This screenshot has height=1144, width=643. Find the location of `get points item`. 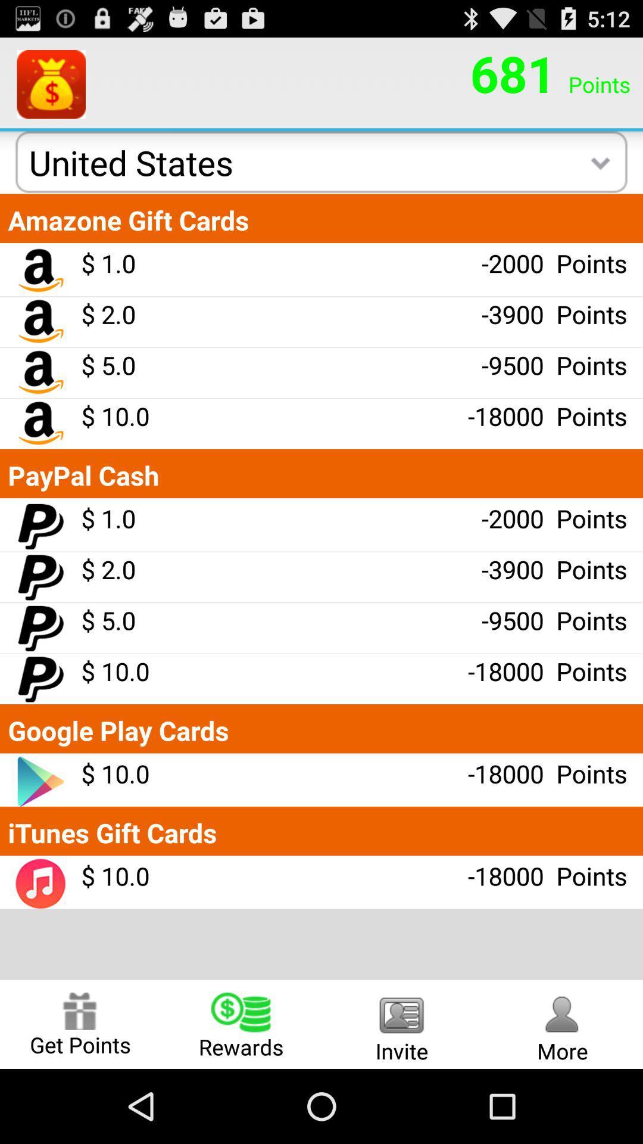

get points item is located at coordinates (80, 1024).